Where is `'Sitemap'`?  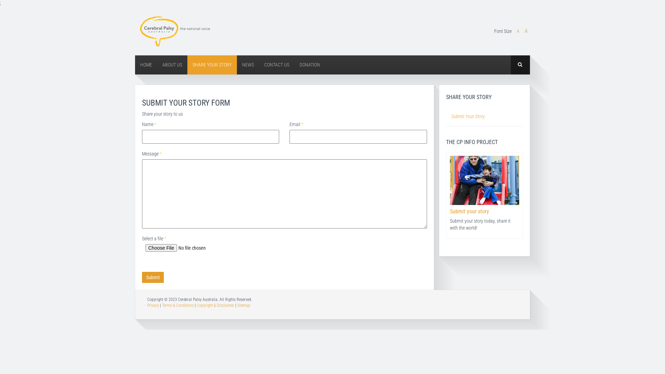
'Sitemap' is located at coordinates (244, 305).